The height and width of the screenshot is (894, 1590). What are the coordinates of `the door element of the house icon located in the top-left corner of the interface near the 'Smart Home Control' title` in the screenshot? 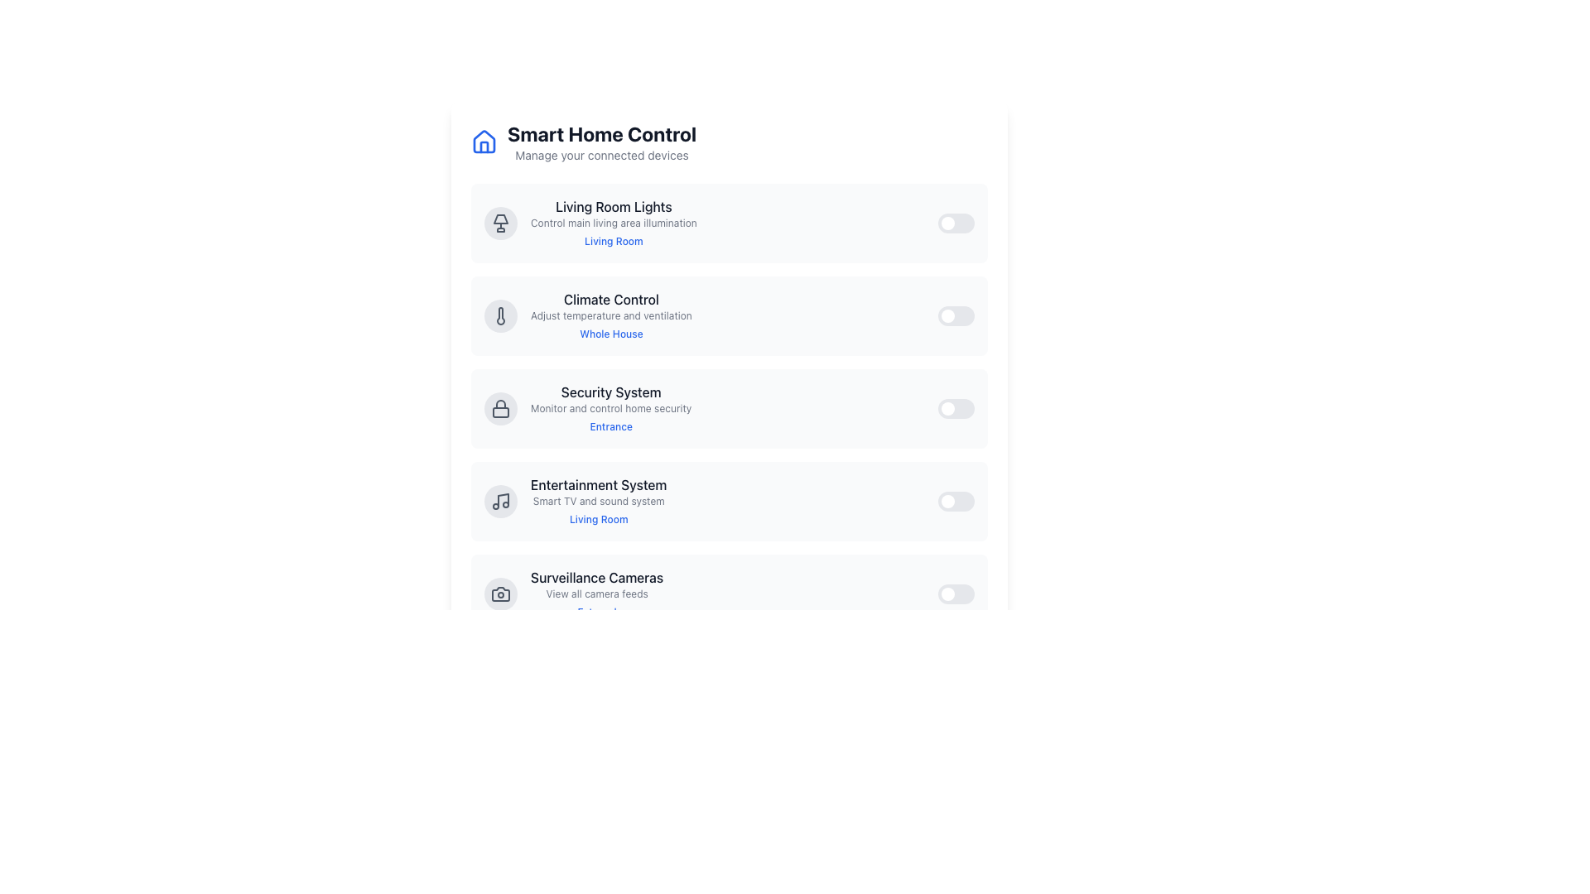 It's located at (484, 146).